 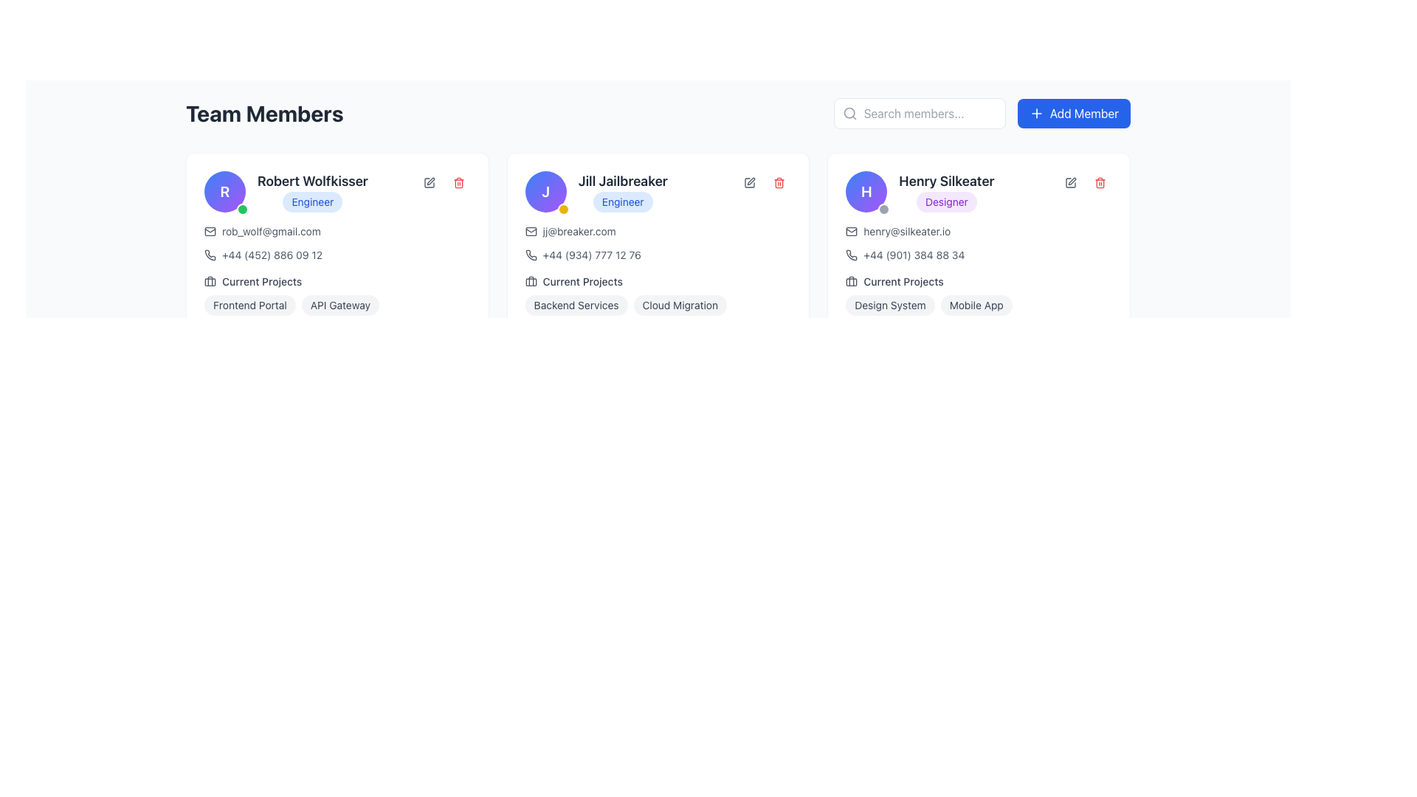 I want to click on text displayed in the section with tags representing the active projects associated with 'Jill Jailbreaker', located in the lower central area of the card beneath the email and phone number details, so click(x=658, y=295).